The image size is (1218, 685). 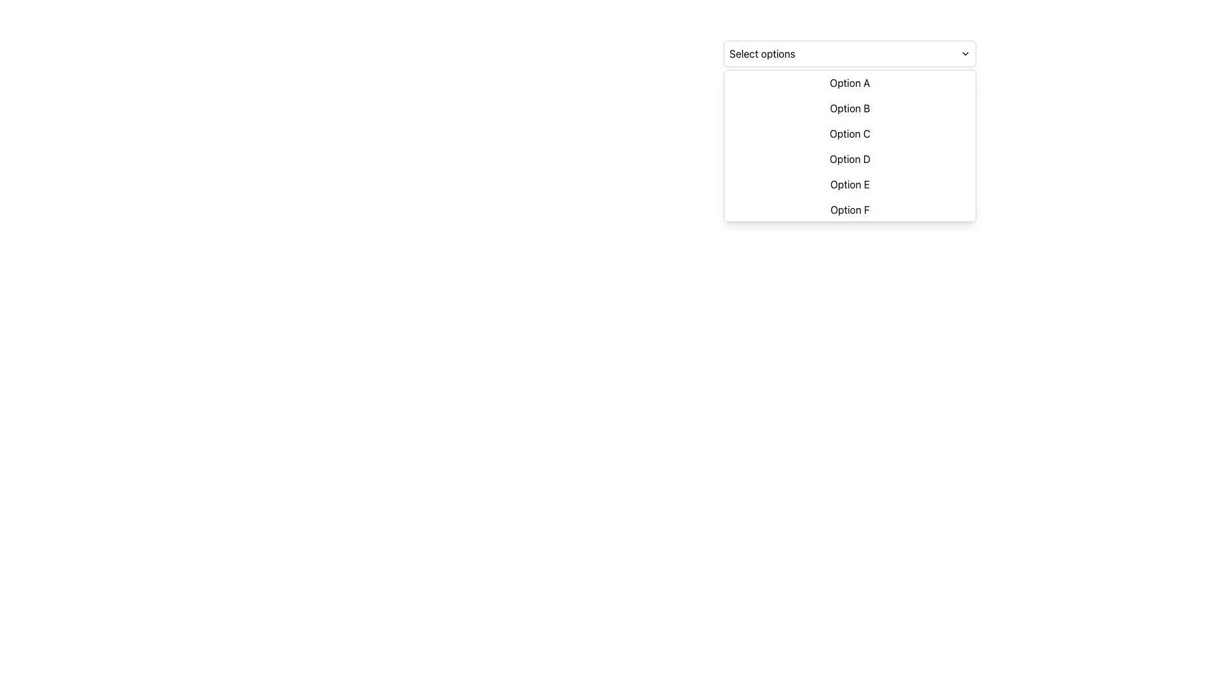 What do you see at coordinates (849, 134) in the screenshot?
I see `the dropdown list item that displays 'Option C', which is the third option in the menu located under 'Select options'` at bounding box center [849, 134].